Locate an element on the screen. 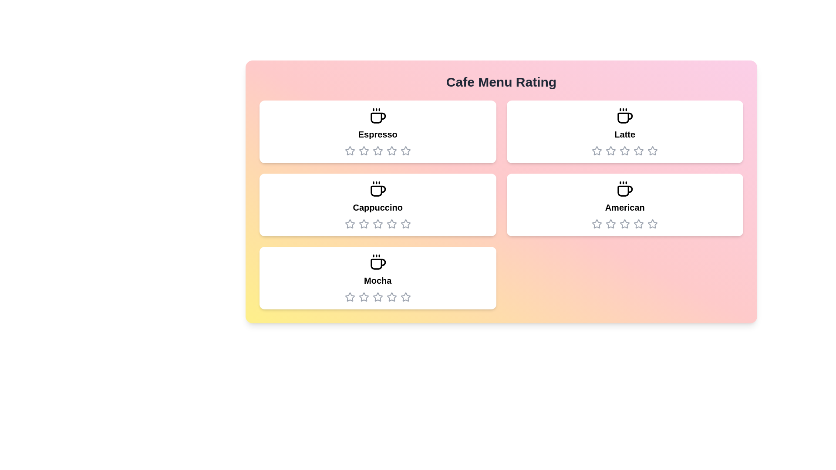  the menu item Cappuccino to navigate to its details is located at coordinates (378, 205).